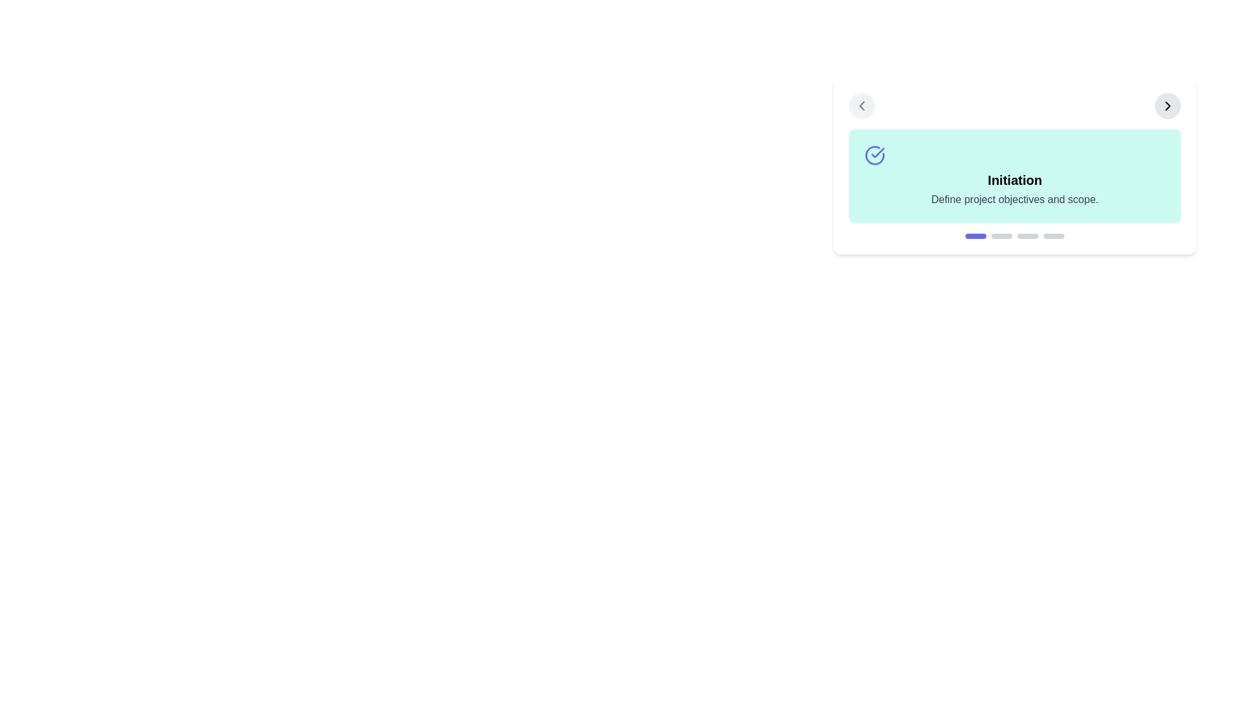 The height and width of the screenshot is (703, 1250). What do you see at coordinates (862, 105) in the screenshot?
I see `the previous button to navigate to the previous step` at bounding box center [862, 105].